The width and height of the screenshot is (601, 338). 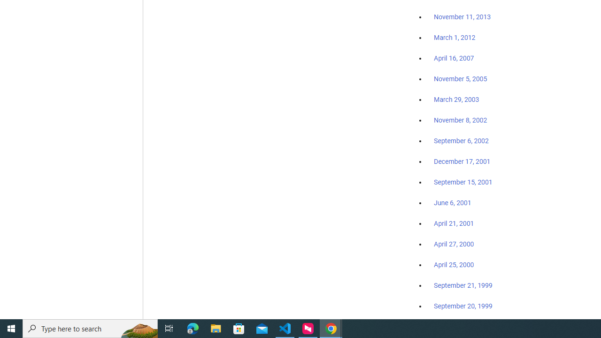 What do you see at coordinates (463, 182) in the screenshot?
I see `'September 15, 2001'` at bounding box center [463, 182].